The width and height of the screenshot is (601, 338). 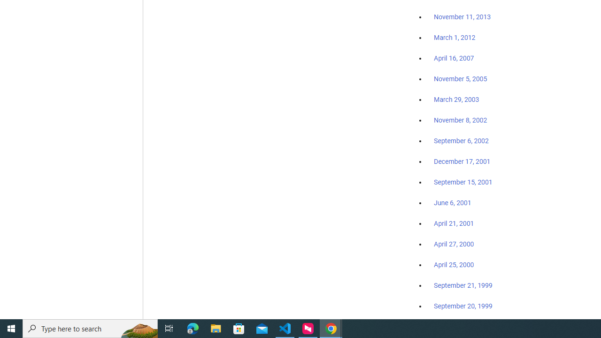 What do you see at coordinates (463, 182) in the screenshot?
I see `'September 15, 2001'` at bounding box center [463, 182].